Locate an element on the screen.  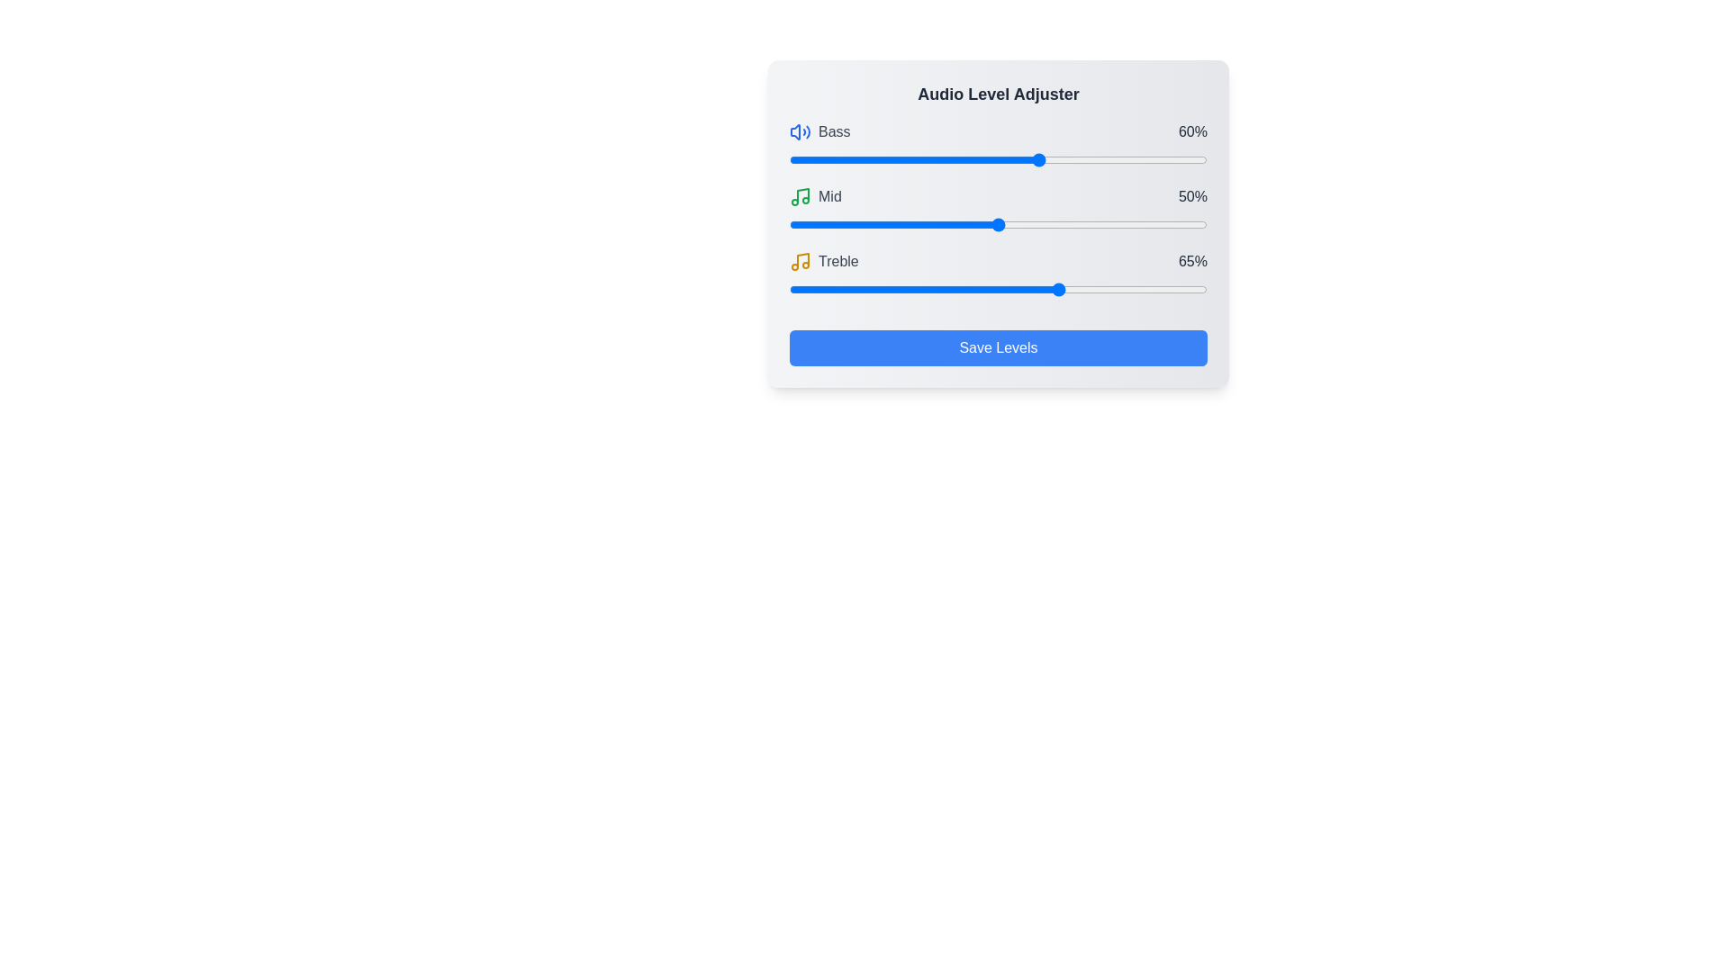
the text label displaying 'treble' which is gray in color and located between the yellow musical note icon and the text '65%' in the audio adjustment interface is located at coordinates (823, 261).